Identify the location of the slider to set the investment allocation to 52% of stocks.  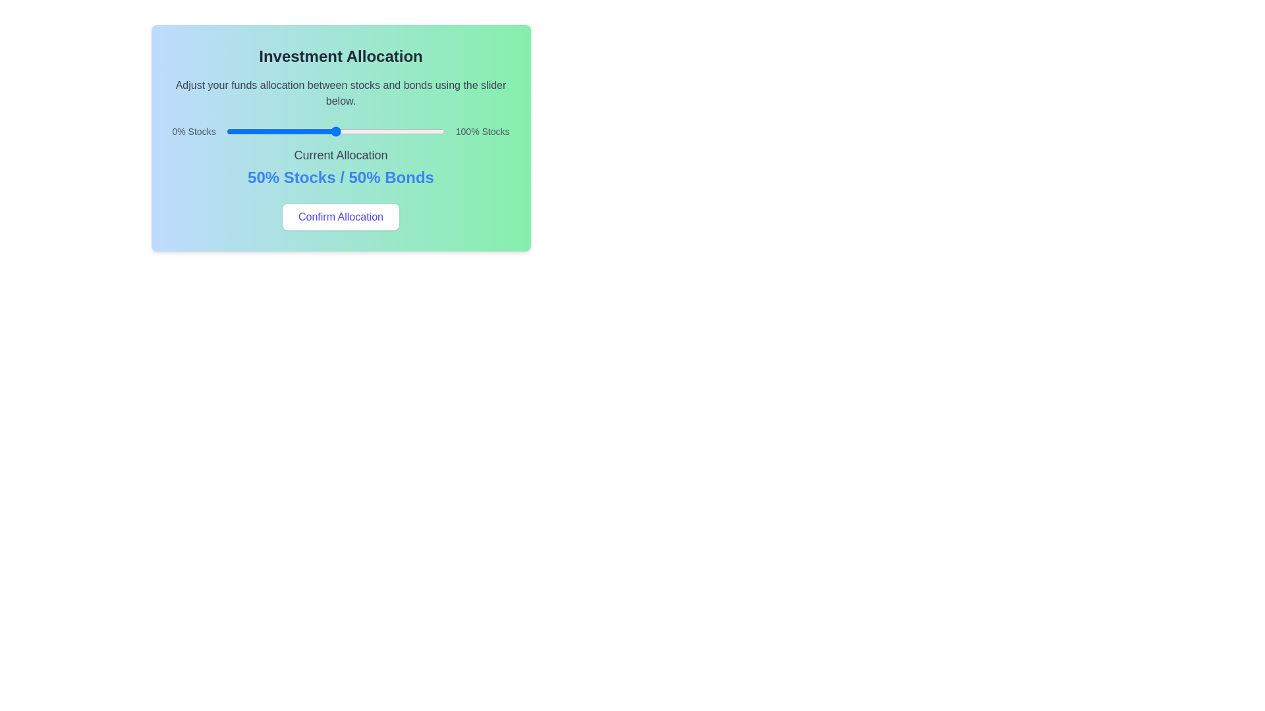
(340, 132).